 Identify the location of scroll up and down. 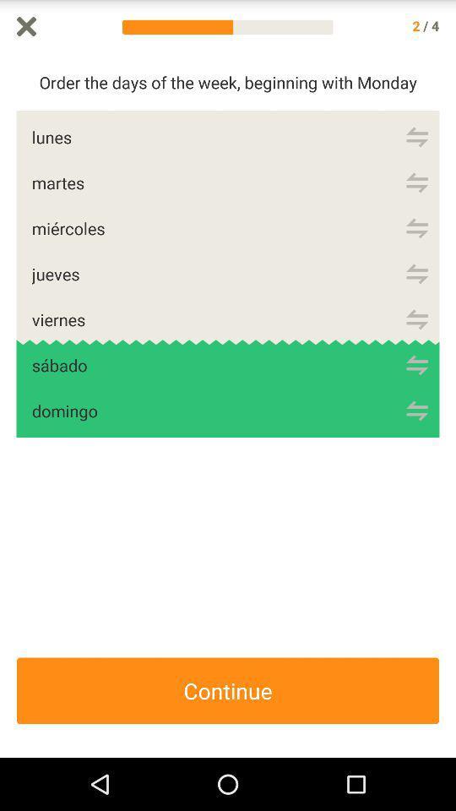
(448, 405).